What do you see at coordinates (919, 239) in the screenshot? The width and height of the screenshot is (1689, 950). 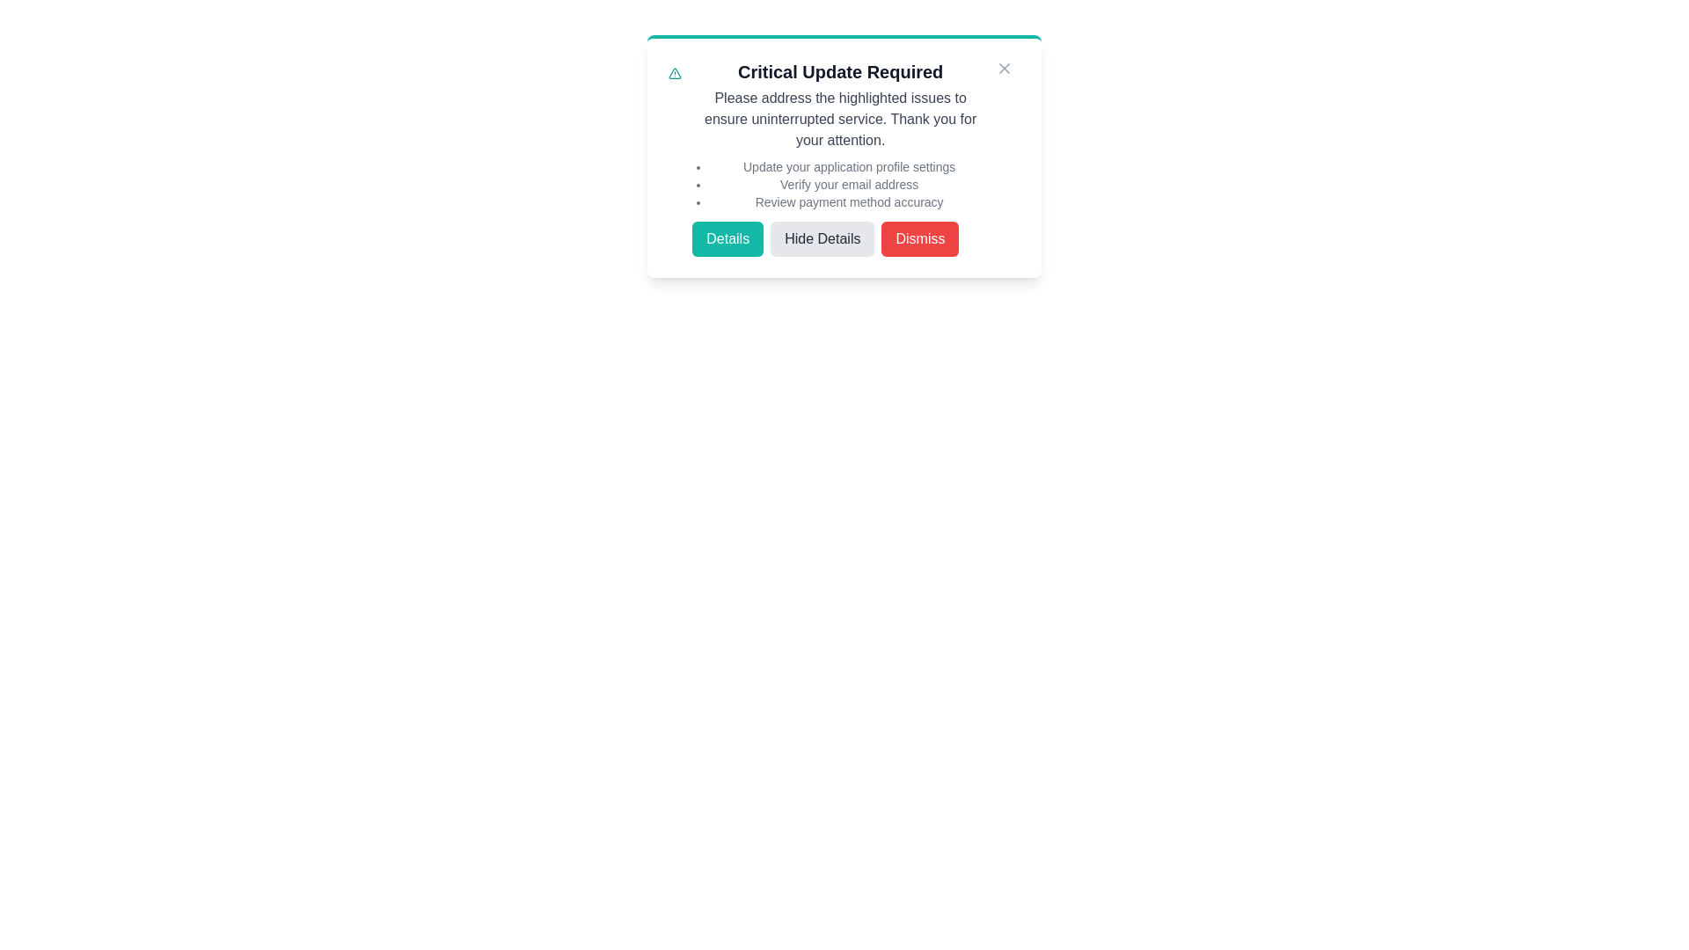 I see `the dismiss button, which is the third button from the left in a group of three buttons at the bottom of a modal dialog box` at bounding box center [919, 239].